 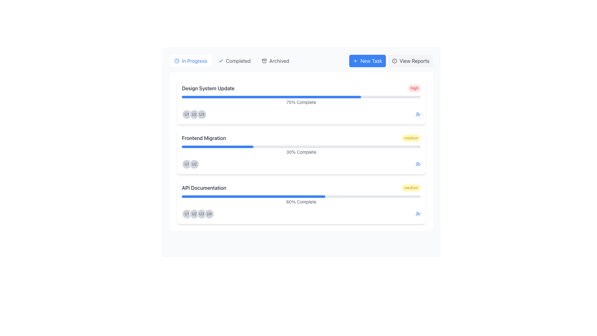 I want to click on the 'Archived' text label styled in gray text, located near the archive box icon at the top middle section of the interface, so click(x=279, y=61).